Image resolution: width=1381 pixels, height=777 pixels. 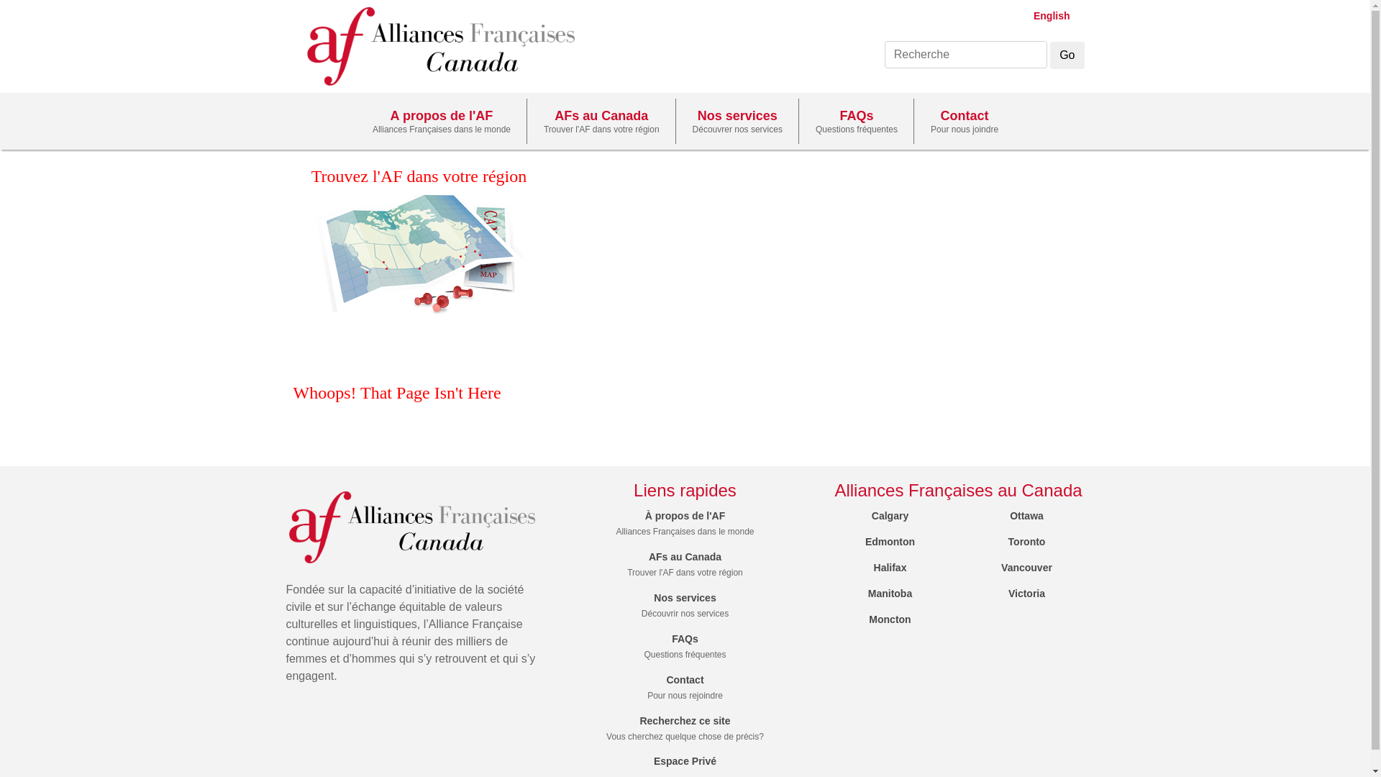 What do you see at coordinates (867, 594) in the screenshot?
I see `'Manitoba'` at bounding box center [867, 594].